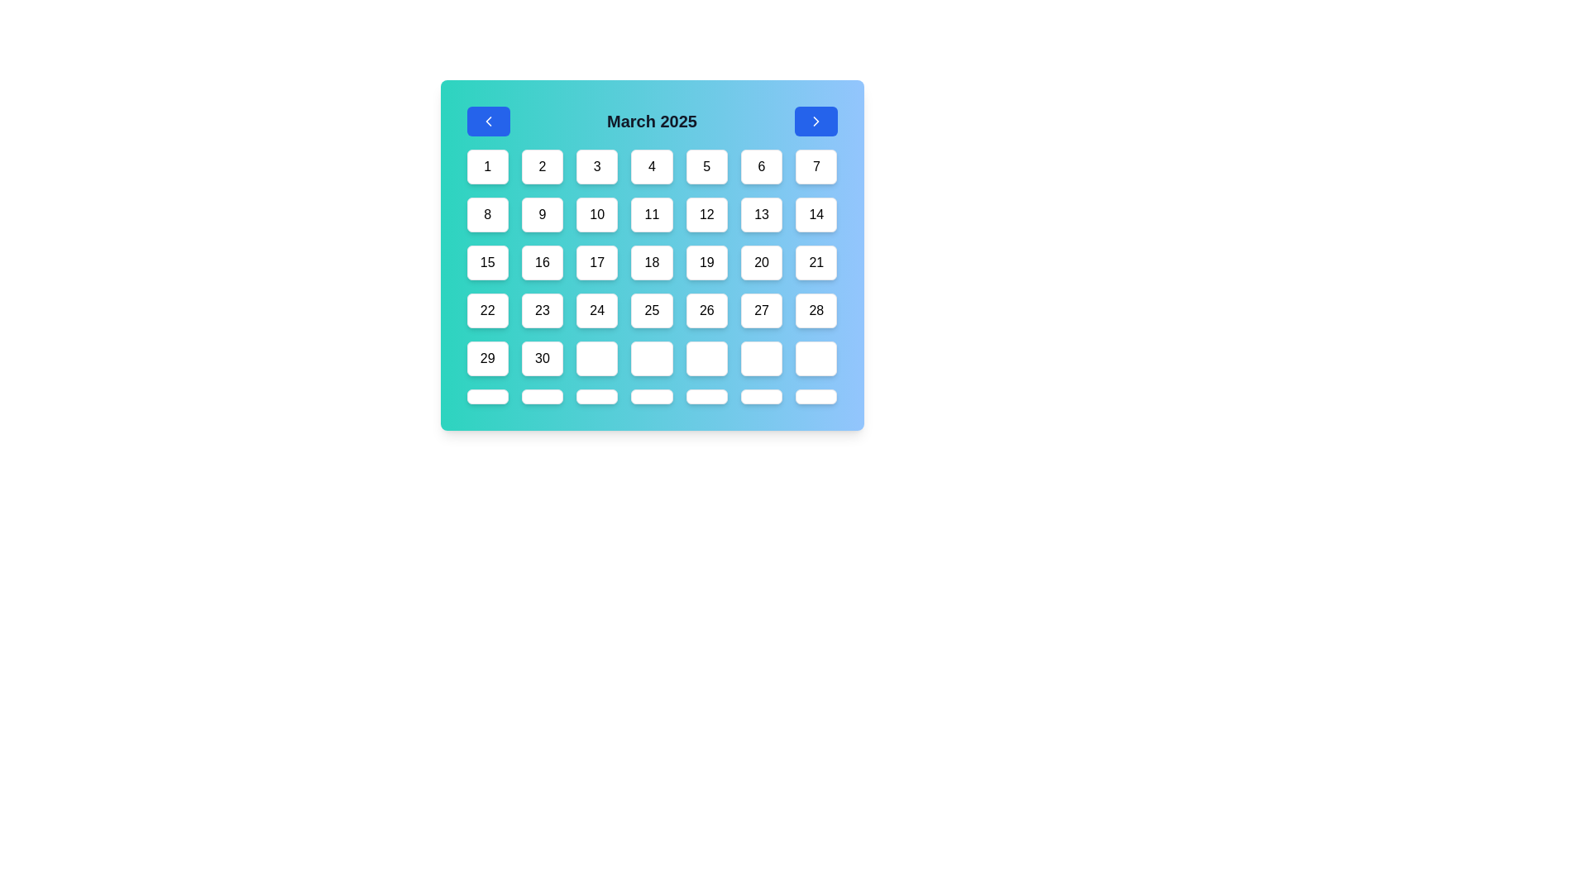 The height and width of the screenshot is (893, 1588). Describe the element at coordinates (706, 261) in the screenshot. I see `the date button representing '19' in the March 2025 calendar layout` at that location.